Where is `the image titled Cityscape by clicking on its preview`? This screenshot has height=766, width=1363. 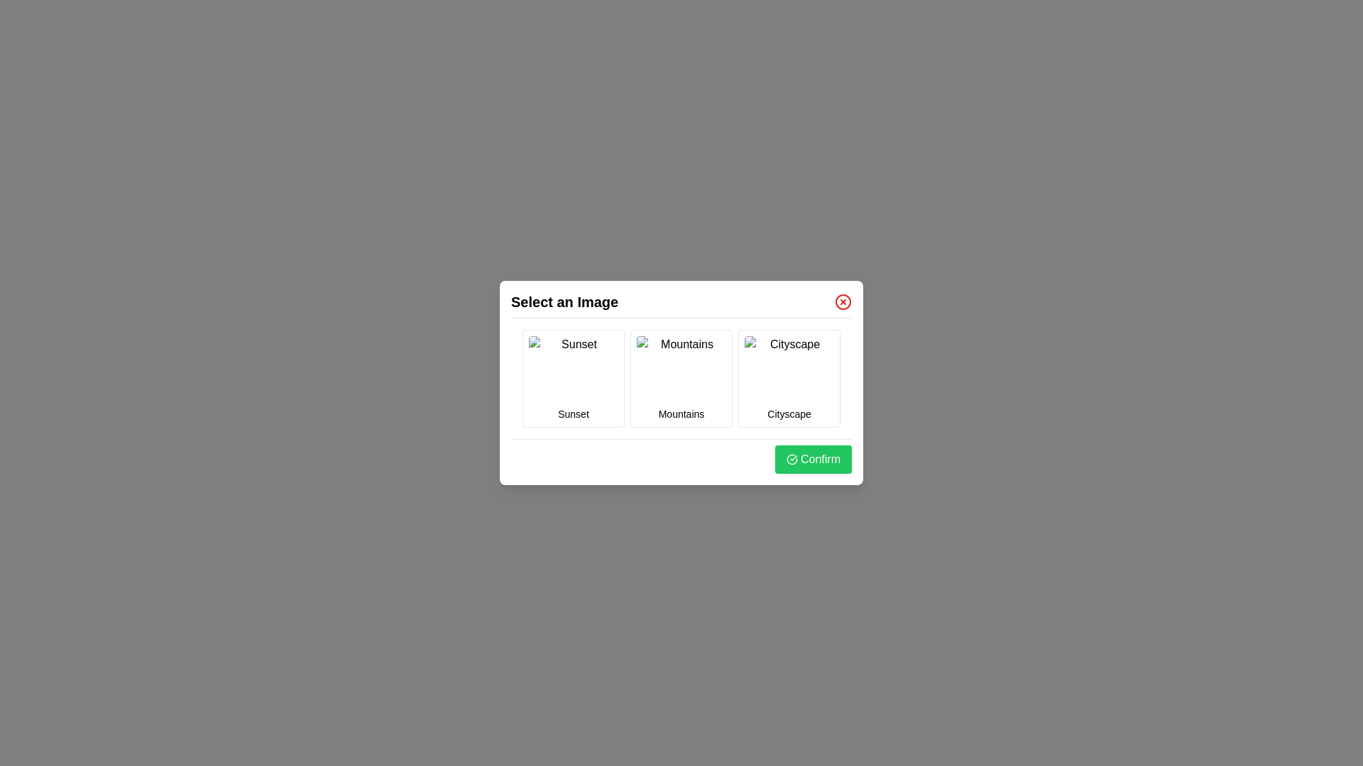 the image titled Cityscape by clicking on its preview is located at coordinates (789, 369).